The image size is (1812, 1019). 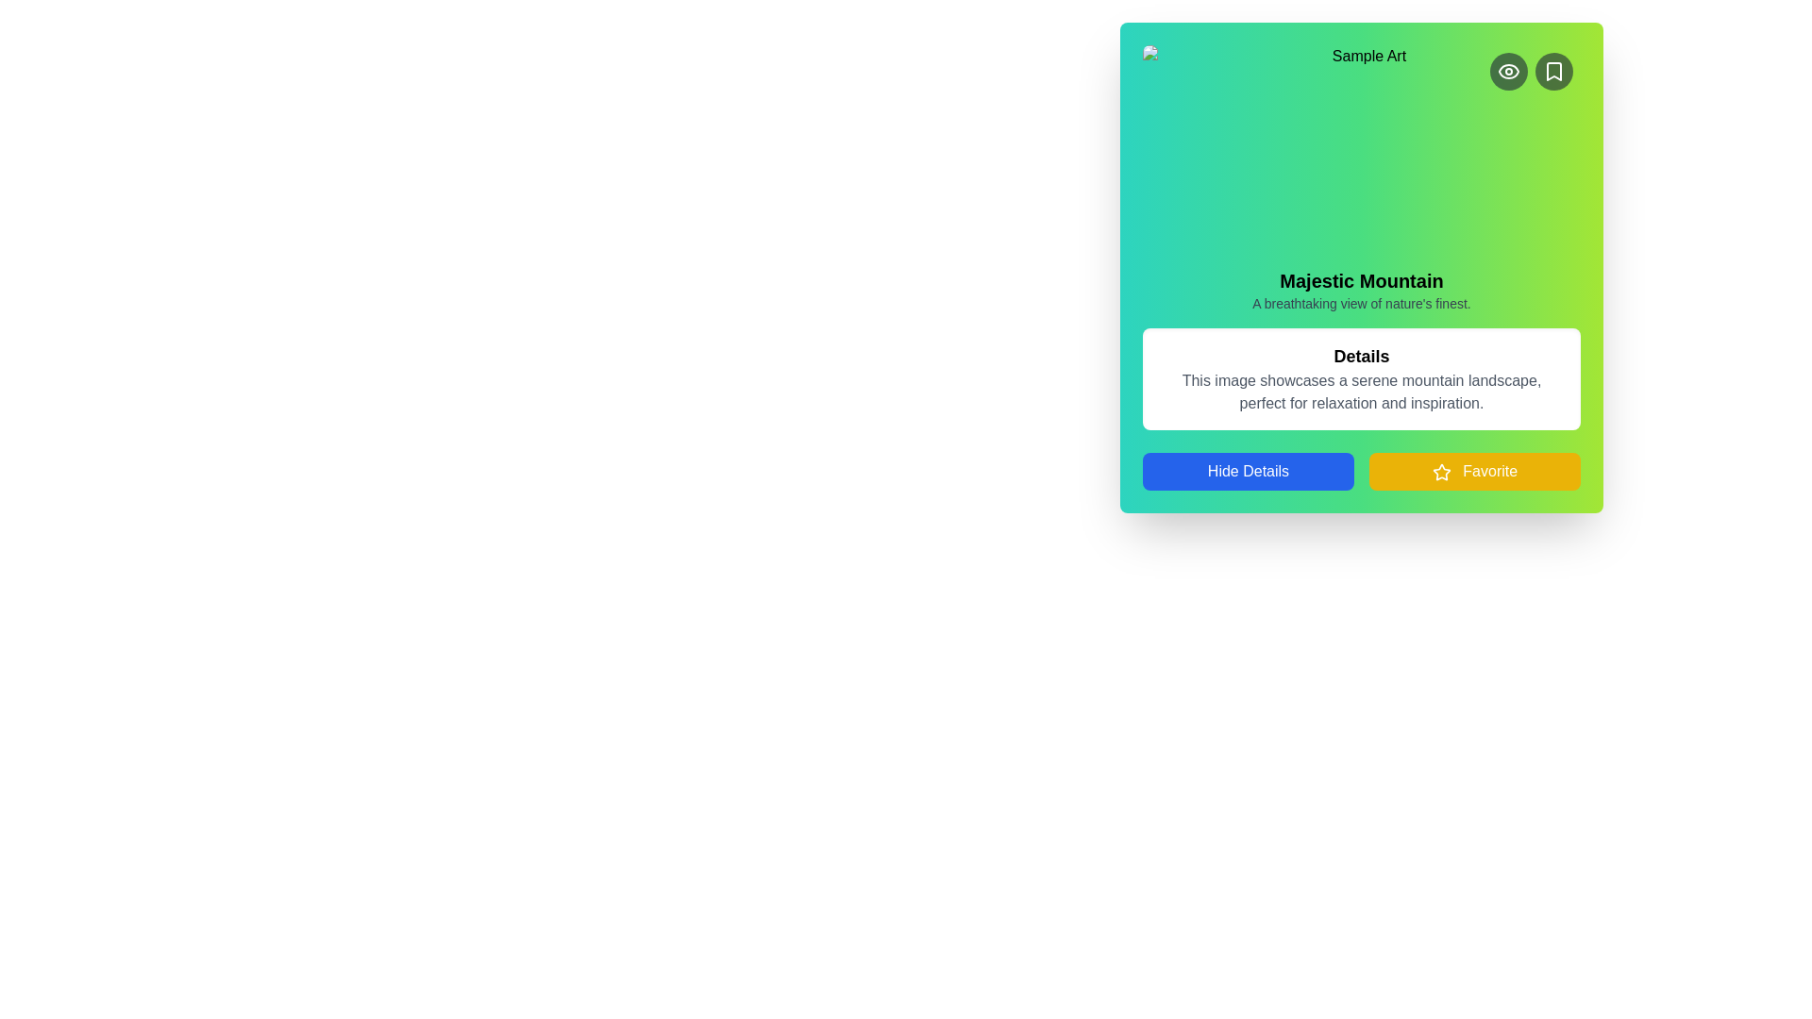 What do you see at coordinates (1362, 392) in the screenshot?
I see `text block located below the 'Details' header in the card interface titled 'Majestic Mountain' for additional context` at bounding box center [1362, 392].